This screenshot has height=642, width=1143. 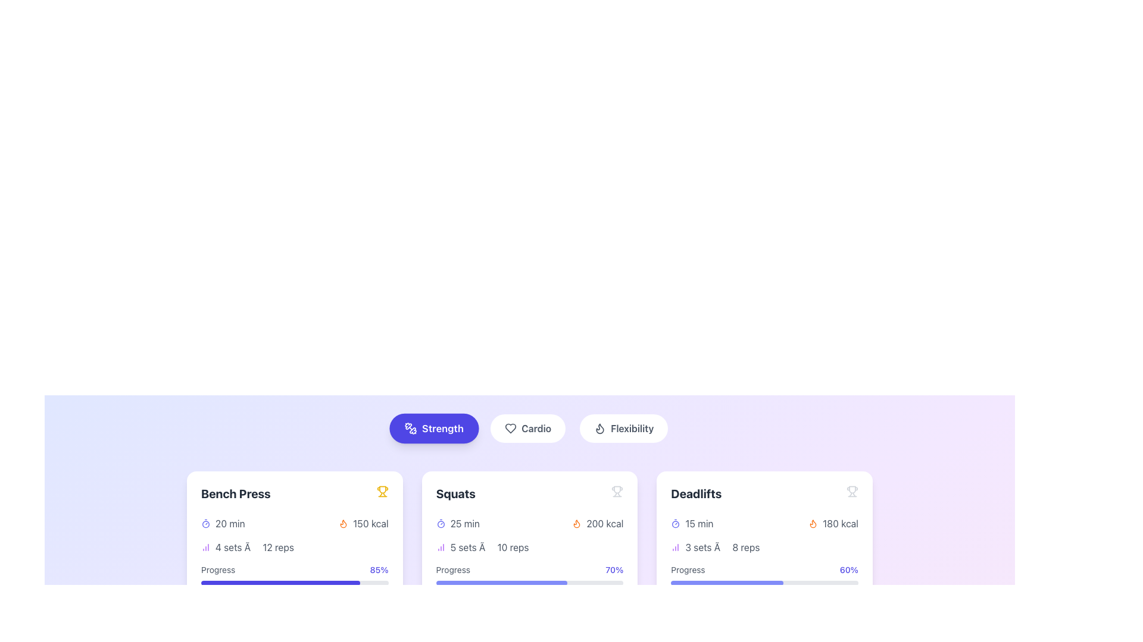 What do you see at coordinates (692, 523) in the screenshot?
I see `displayed information from the timer icon and text '15 min' located in the top-left corner of the 'Deadlifts' card, adjacent to the '180 kcal' text` at bounding box center [692, 523].